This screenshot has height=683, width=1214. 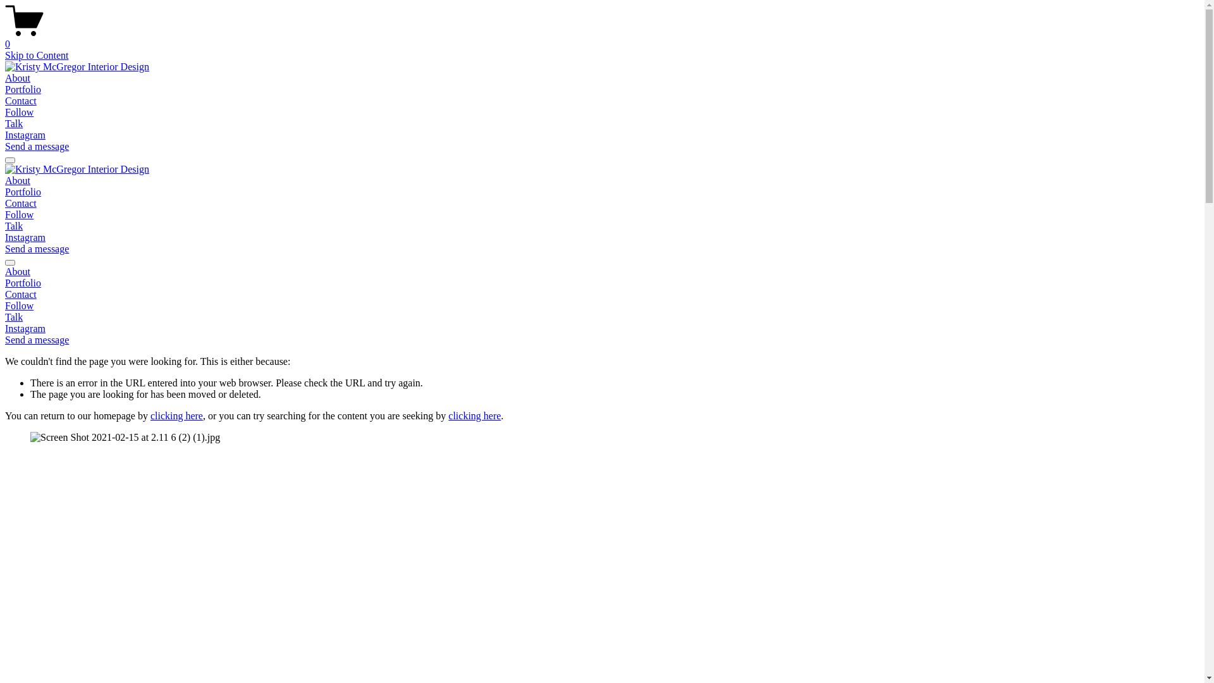 What do you see at coordinates (25, 328) in the screenshot?
I see `'Instagram'` at bounding box center [25, 328].